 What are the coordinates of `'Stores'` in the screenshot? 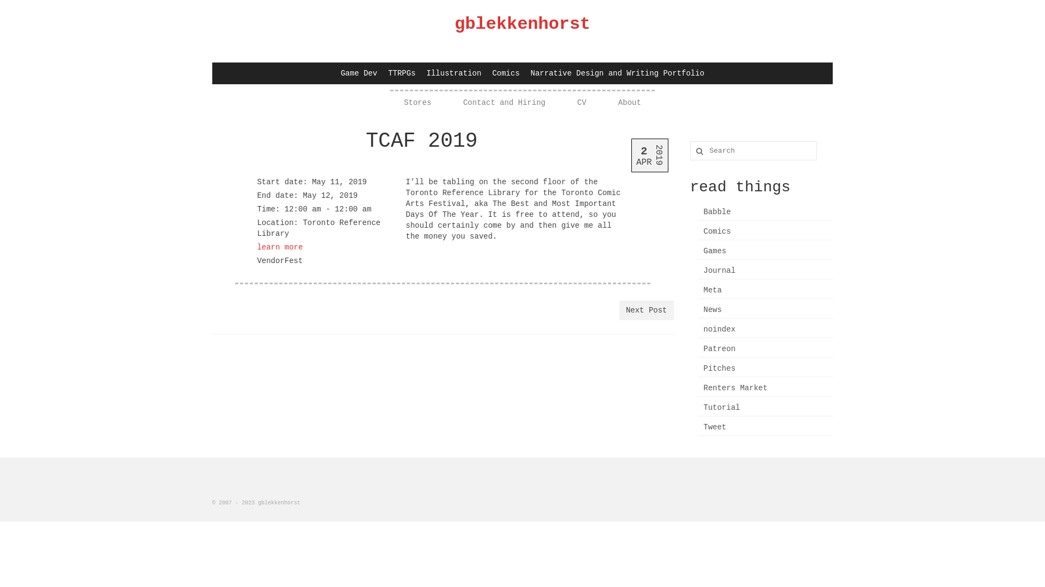 It's located at (403, 103).